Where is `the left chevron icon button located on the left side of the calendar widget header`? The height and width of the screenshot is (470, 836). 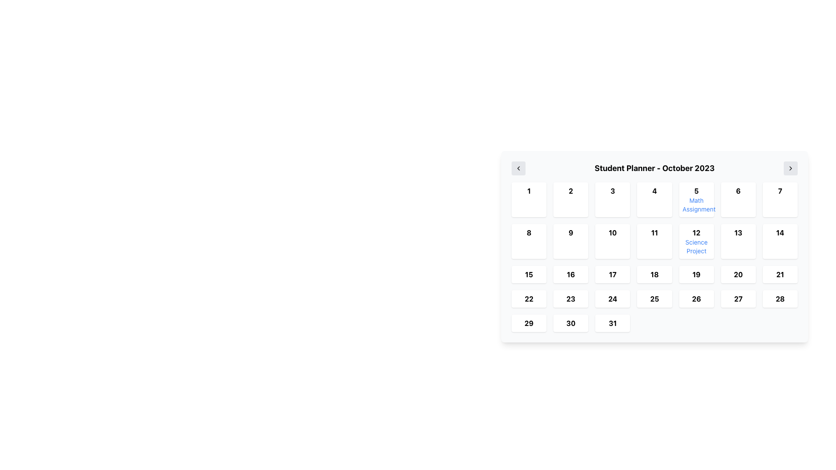 the left chevron icon button located on the left side of the calendar widget header is located at coordinates (518, 168).